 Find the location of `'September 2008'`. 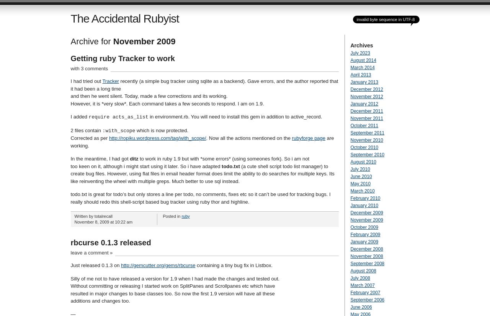

'September 2008' is located at coordinates (350, 263).